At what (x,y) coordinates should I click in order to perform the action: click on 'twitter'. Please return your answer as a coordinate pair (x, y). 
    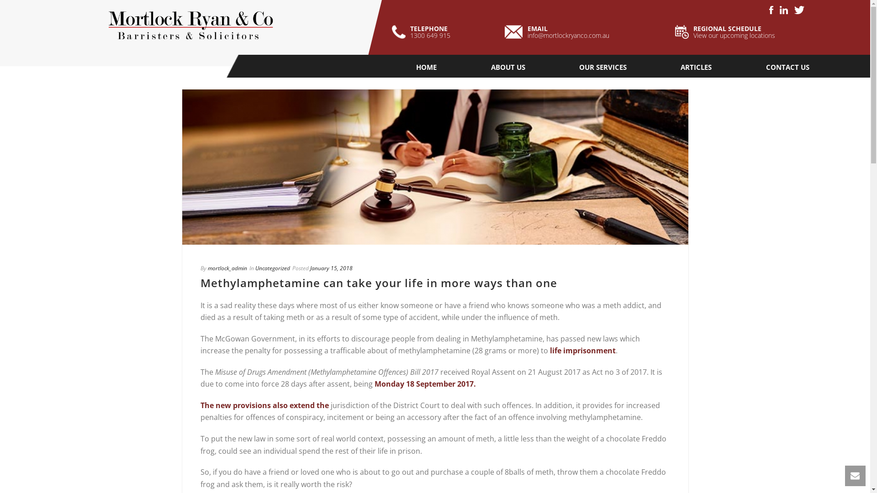
    Looking at the image, I should click on (793, 10).